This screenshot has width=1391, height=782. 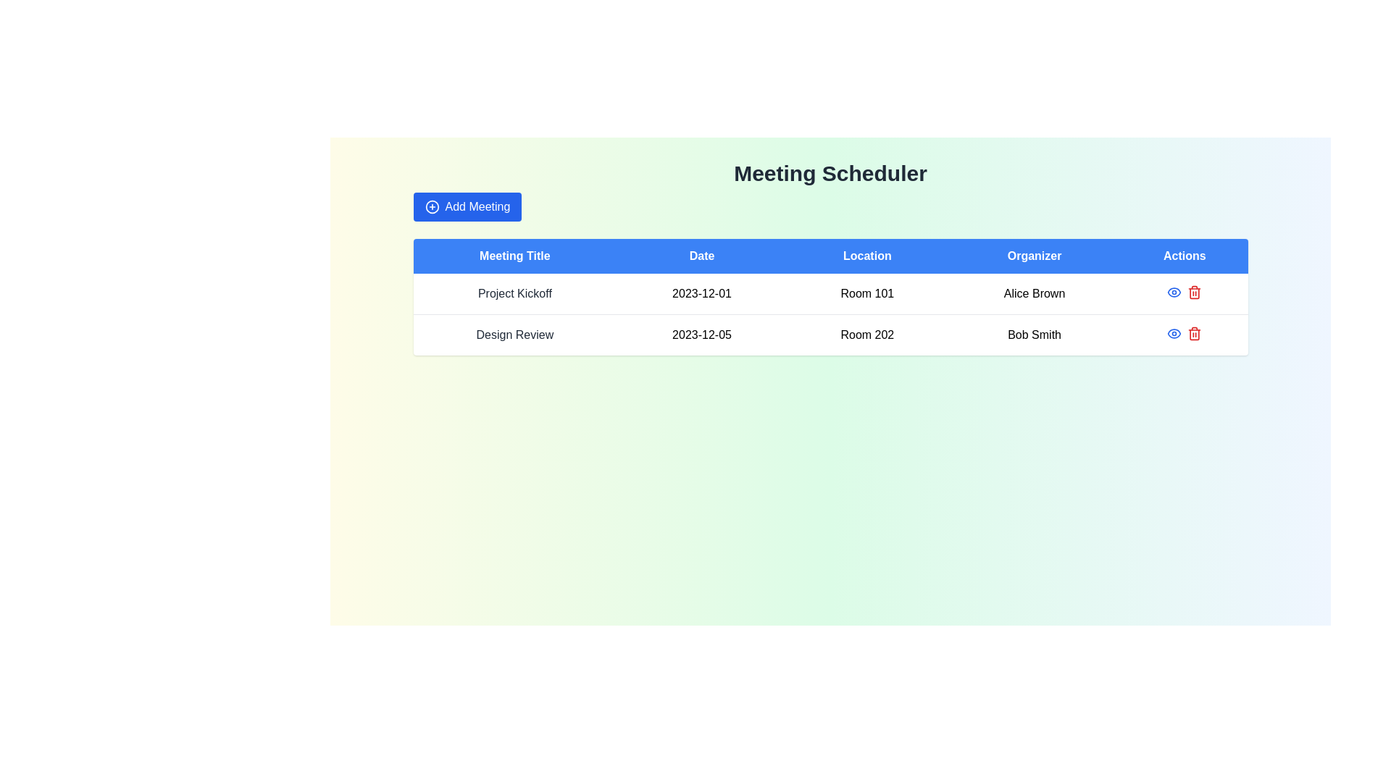 What do you see at coordinates (467, 206) in the screenshot?
I see `the 'Add Meeting' button located below the 'Meeting Scheduler' title` at bounding box center [467, 206].